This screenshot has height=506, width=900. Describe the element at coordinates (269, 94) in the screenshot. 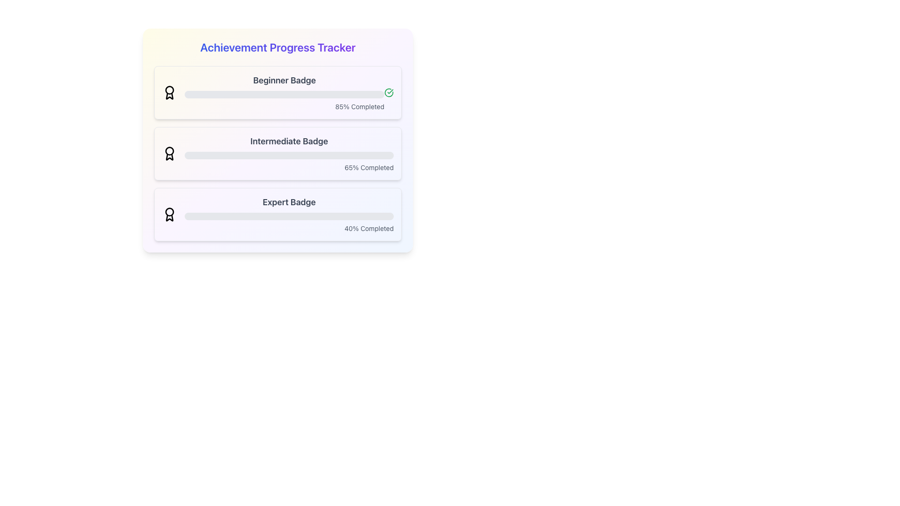

I see `Progress bar indicating 85% completion towards earning the Beginner Badge, located in the Achievement Progress Tracker` at that location.